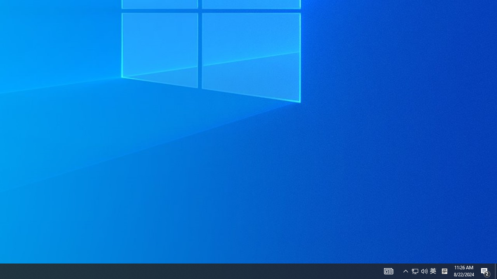 The height and width of the screenshot is (279, 497). What do you see at coordinates (444, 270) in the screenshot?
I see `'Tray Input Indicator - Chinese (Simplified, China)'` at bounding box center [444, 270].